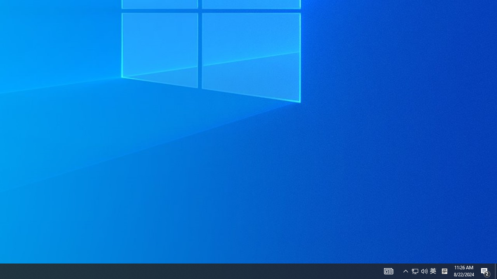 The height and width of the screenshot is (279, 497). What do you see at coordinates (444, 270) in the screenshot?
I see `'Tray Input Indicator - Chinese (Simplified, China)'` at bounding box center [444, 270].